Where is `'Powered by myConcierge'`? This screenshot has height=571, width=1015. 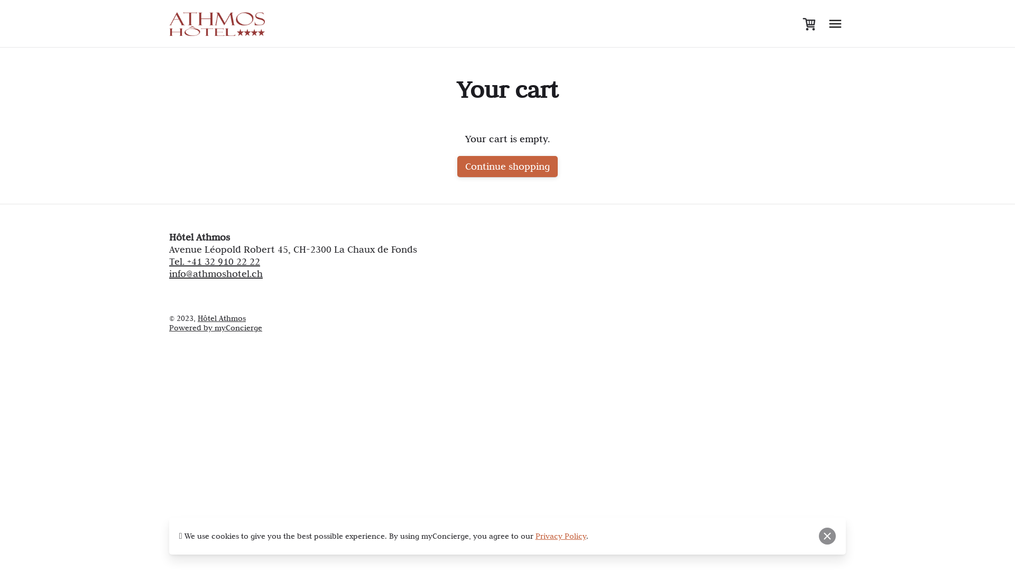 'Powered by myConcierge' is located at coordinates (215, 327).